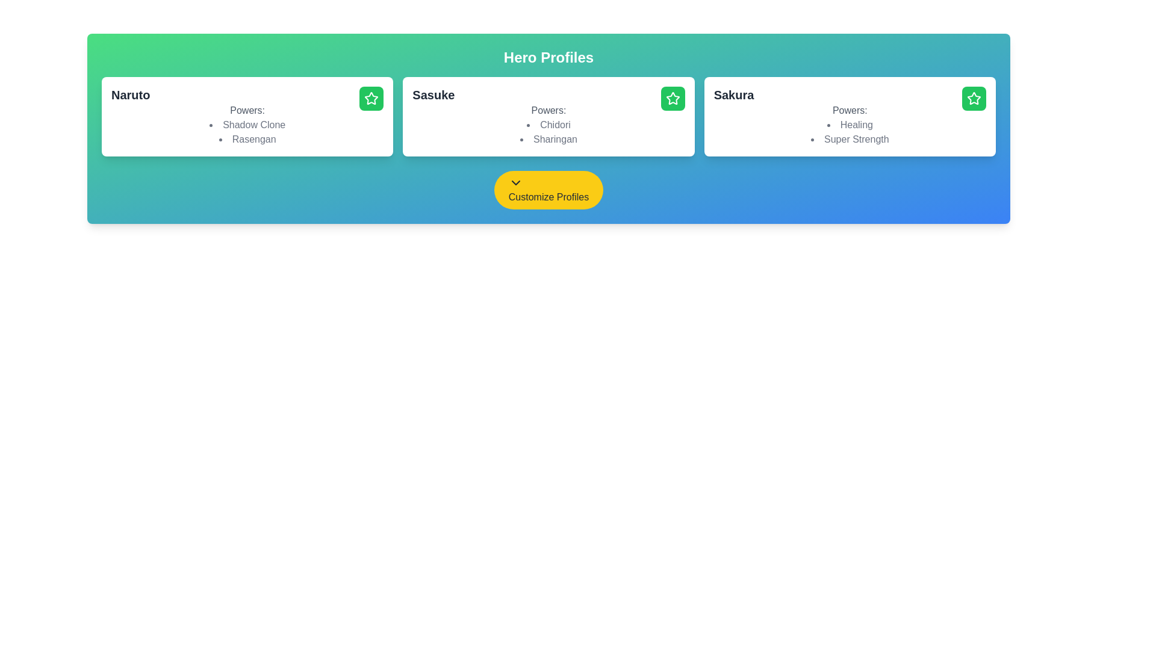 The width and height of the screenshot is (1156, 650). I want to click on the star icon located in the top-right corner of the card for 'Sasuke', so click(672, 97).